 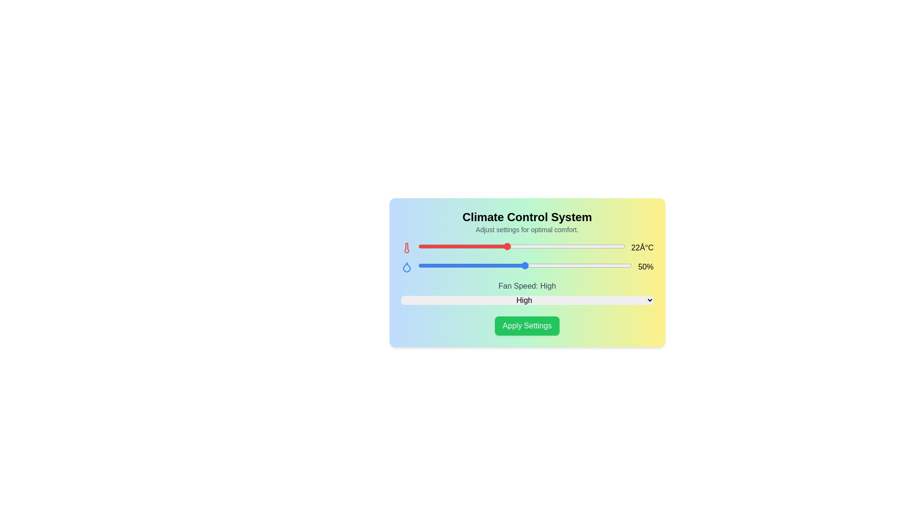 I want to click on the temperature slider to 22 degrees Celsius, so click(x=506, y=246).